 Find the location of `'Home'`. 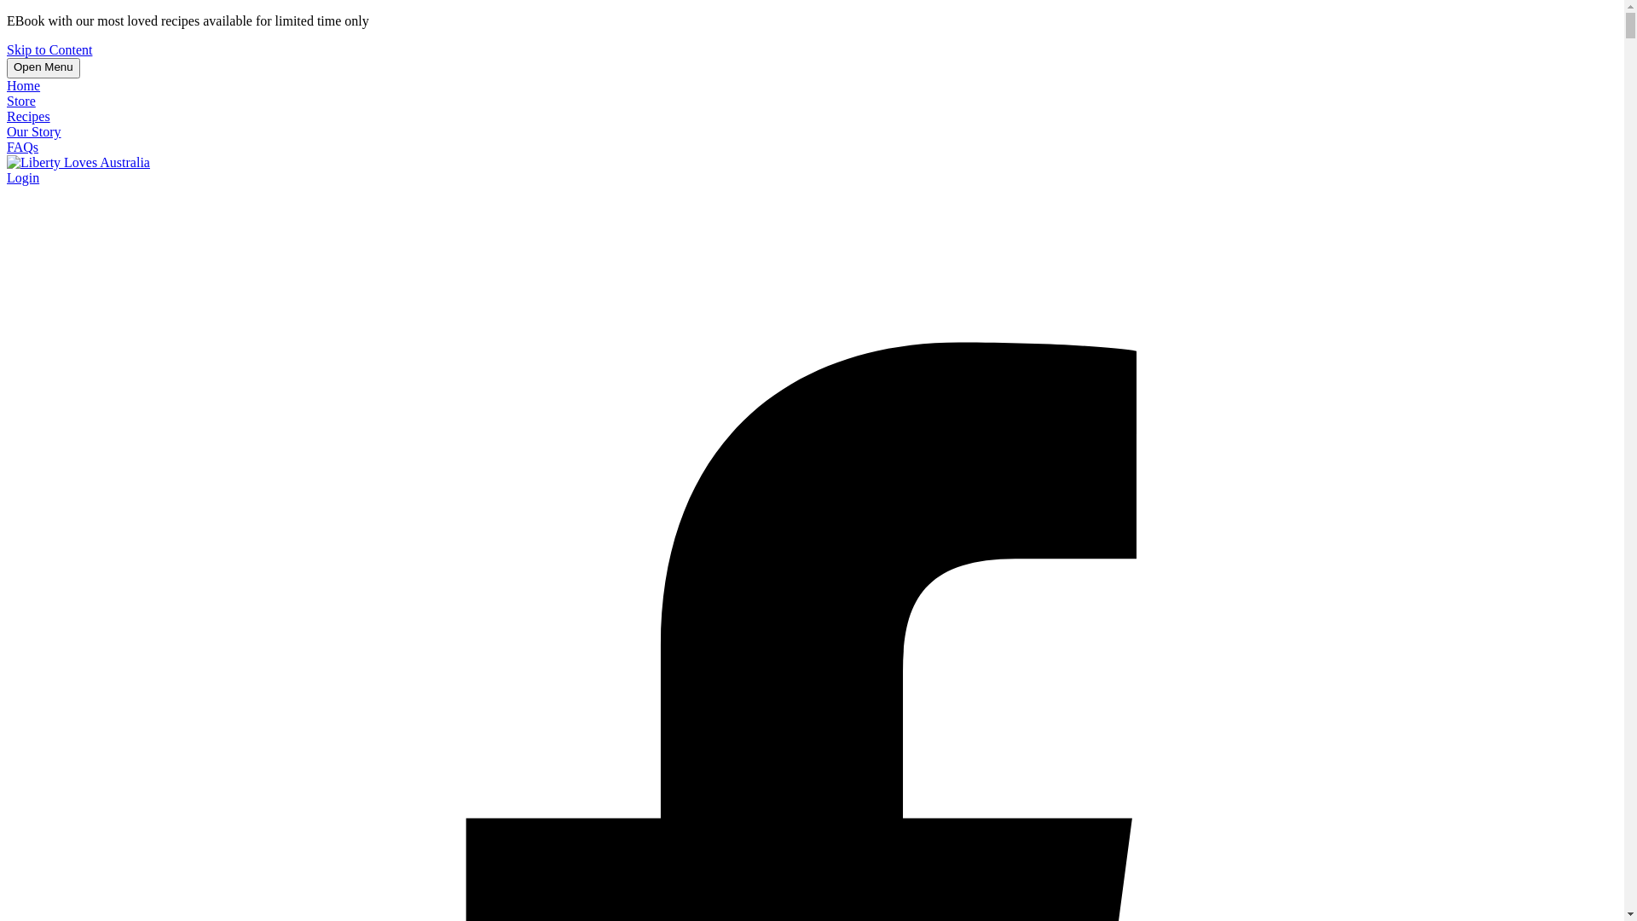

'Home' is located at coordinates (23, 85).